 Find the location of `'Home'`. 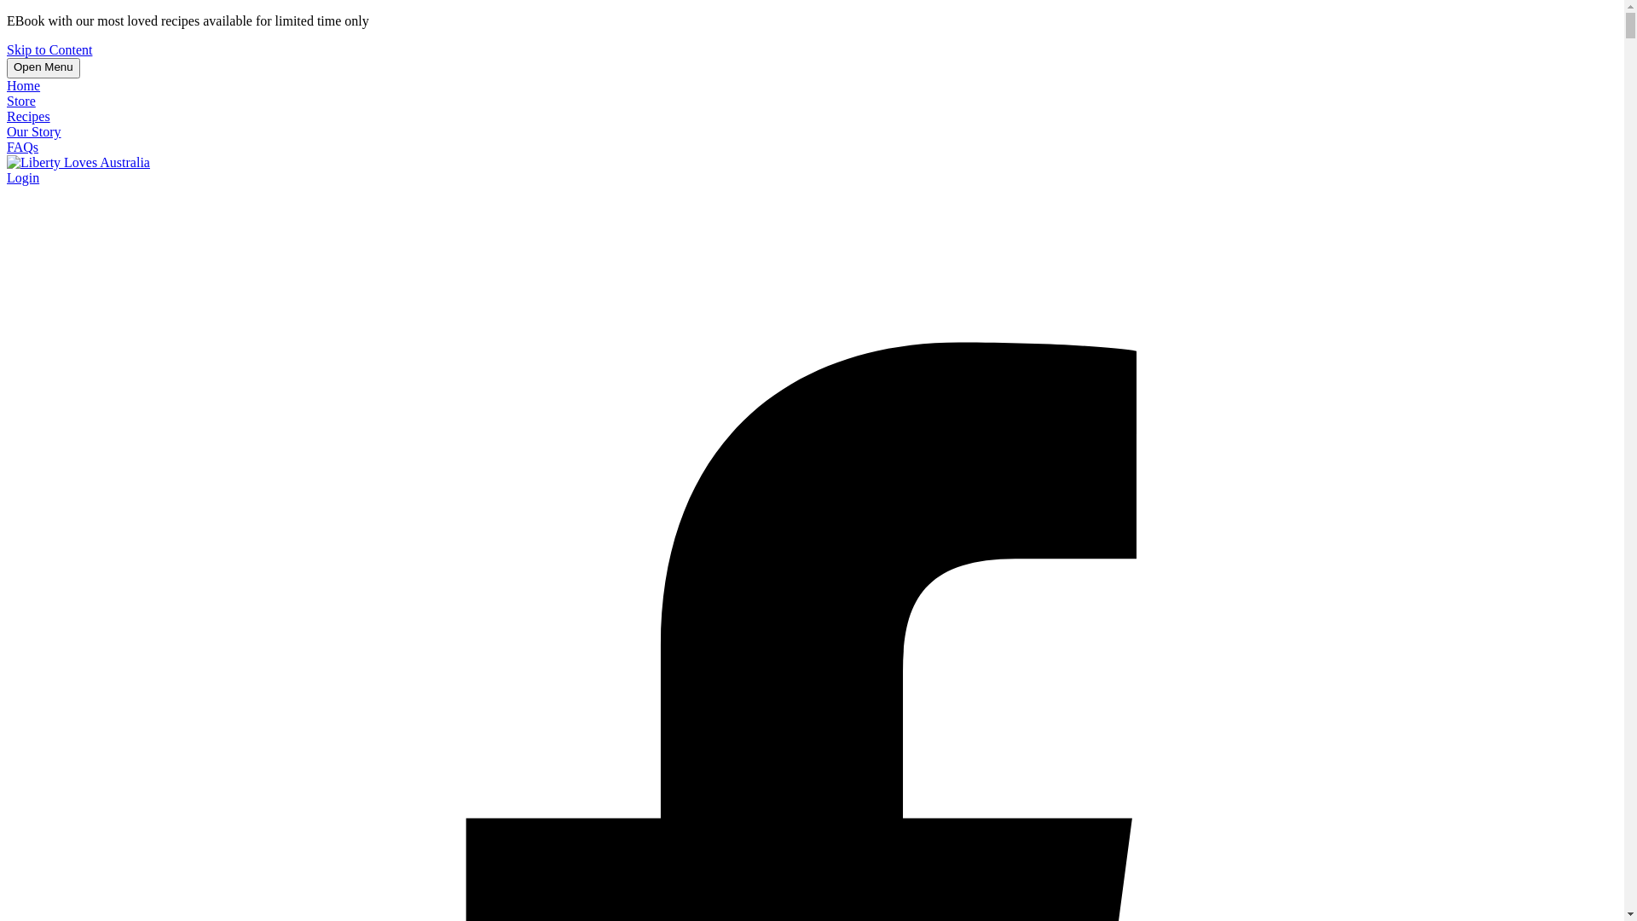

'Home' is located at coordinates (23, 85).